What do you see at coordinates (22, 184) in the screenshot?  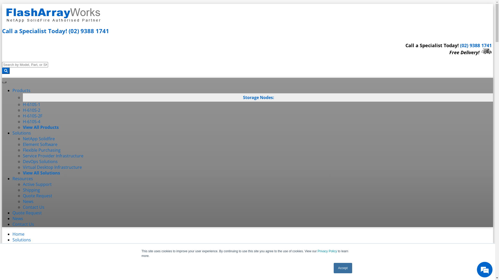 I see `'Active Support'` at bounding box center [22, 184].